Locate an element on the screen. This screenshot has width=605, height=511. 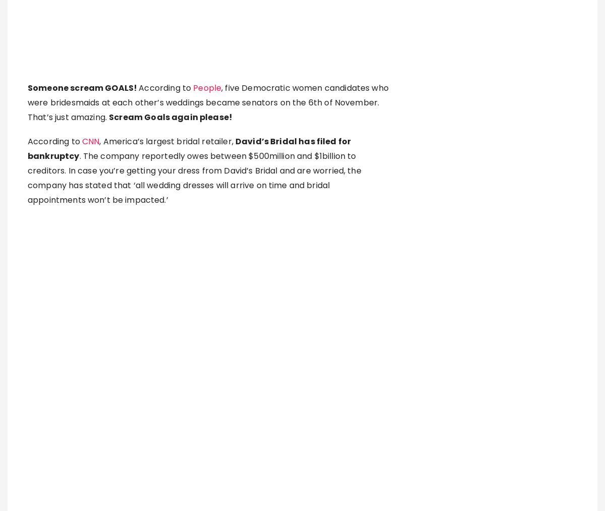
'Christopher Chestnut' is located at coordinates (183, 408).